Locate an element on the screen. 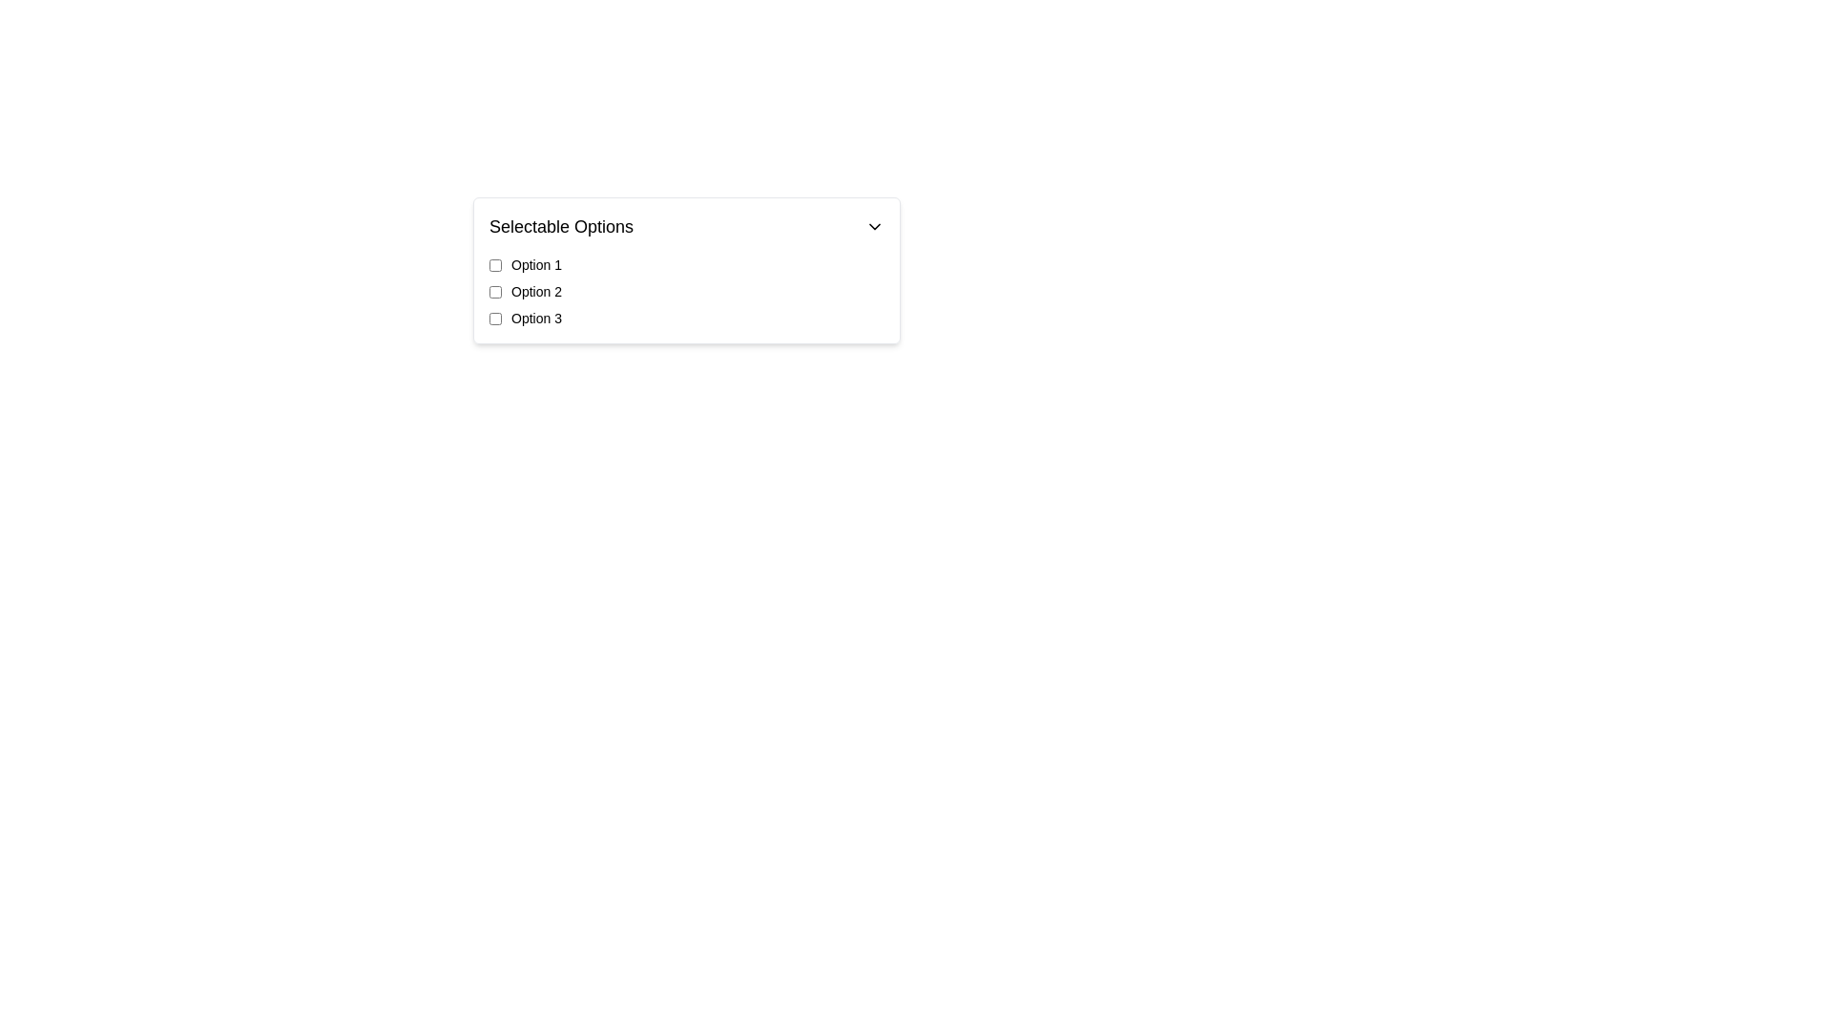 Image resolution: width=1832 pixels, height=1030 pixels. the checkbox labeled 'Option 2' is located at coordinates (495, 291).